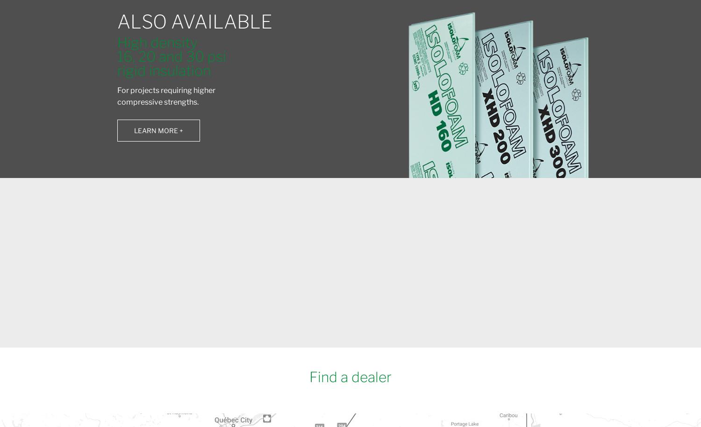 The image size is (701, 427). Describe the element at coordinates (457, 297) in the screenshot. I see `'Greenguard- and Greenguard Gold-certified products'` at that location.